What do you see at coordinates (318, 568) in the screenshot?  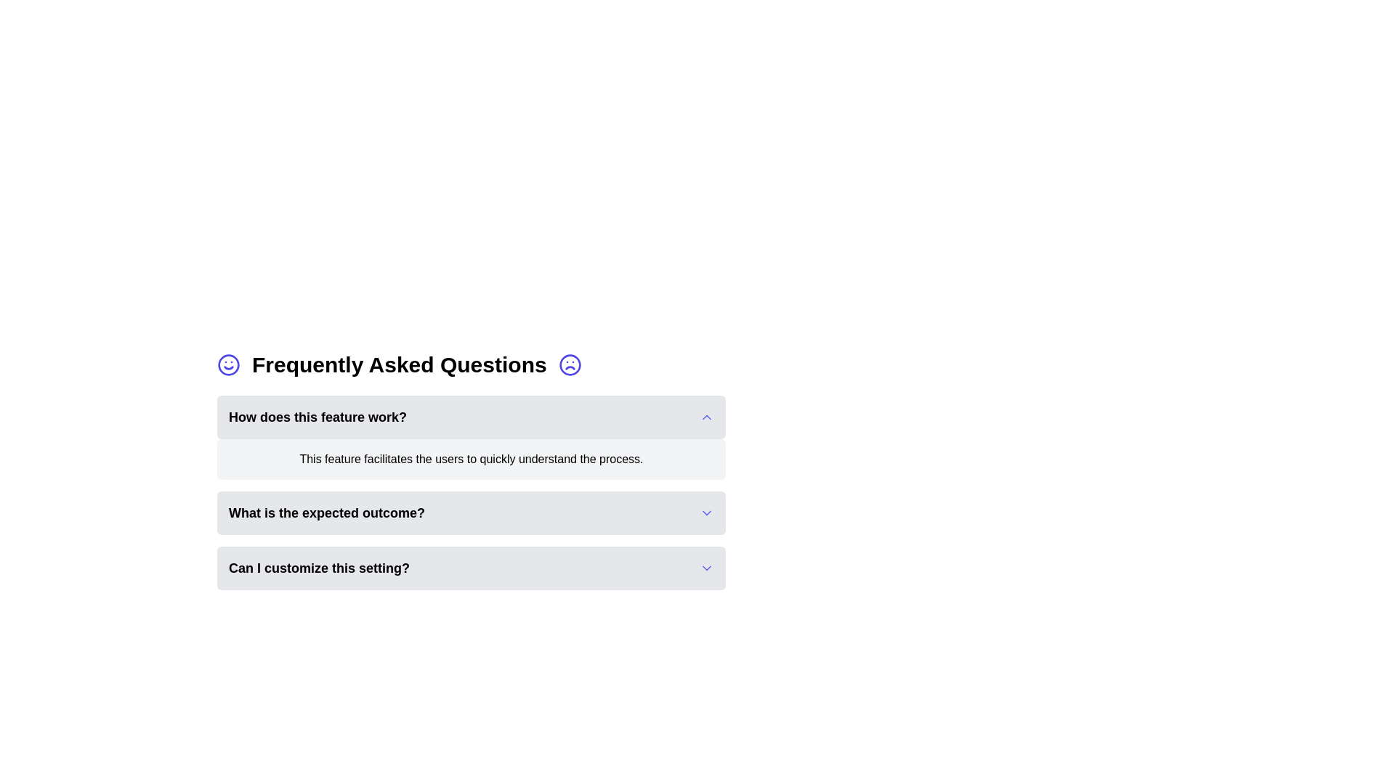 I see `the text label that serves as a question header within the FAQ section, located below the FAQ titled 'What is the expected outcome?'` at bounding box center [318, 568].